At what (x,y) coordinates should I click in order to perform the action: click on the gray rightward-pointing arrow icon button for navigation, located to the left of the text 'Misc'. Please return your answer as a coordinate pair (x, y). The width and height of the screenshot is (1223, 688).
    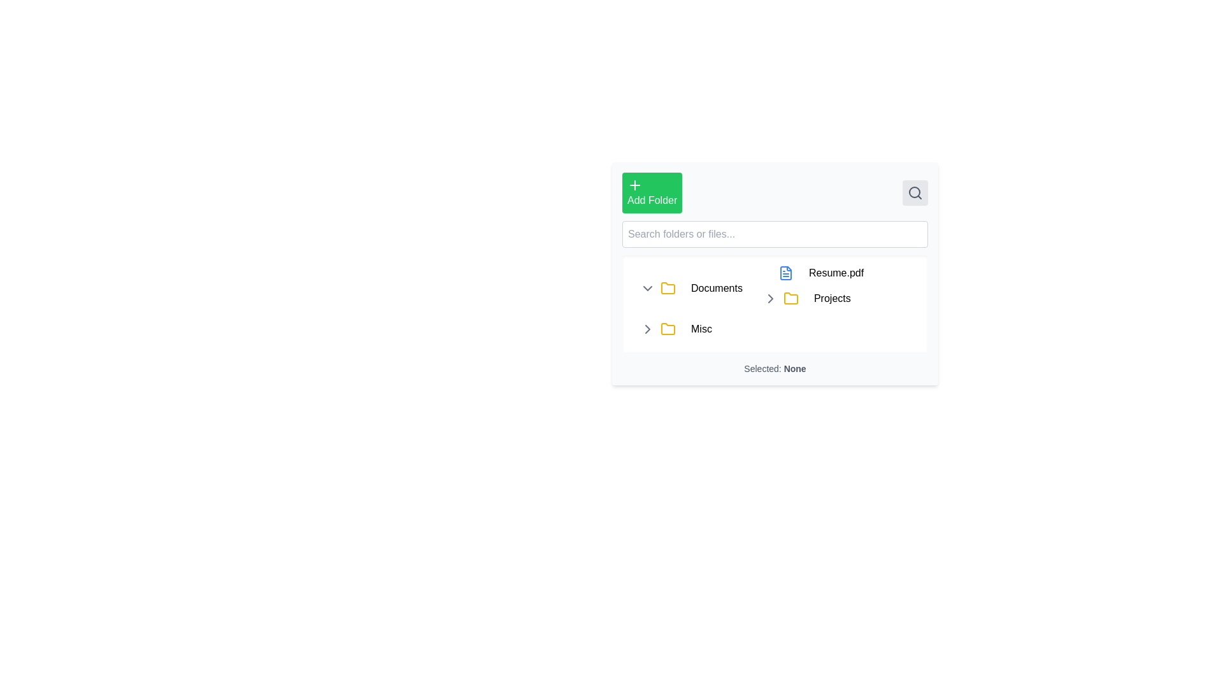
    Looking at the image, I should click on (648, 328).